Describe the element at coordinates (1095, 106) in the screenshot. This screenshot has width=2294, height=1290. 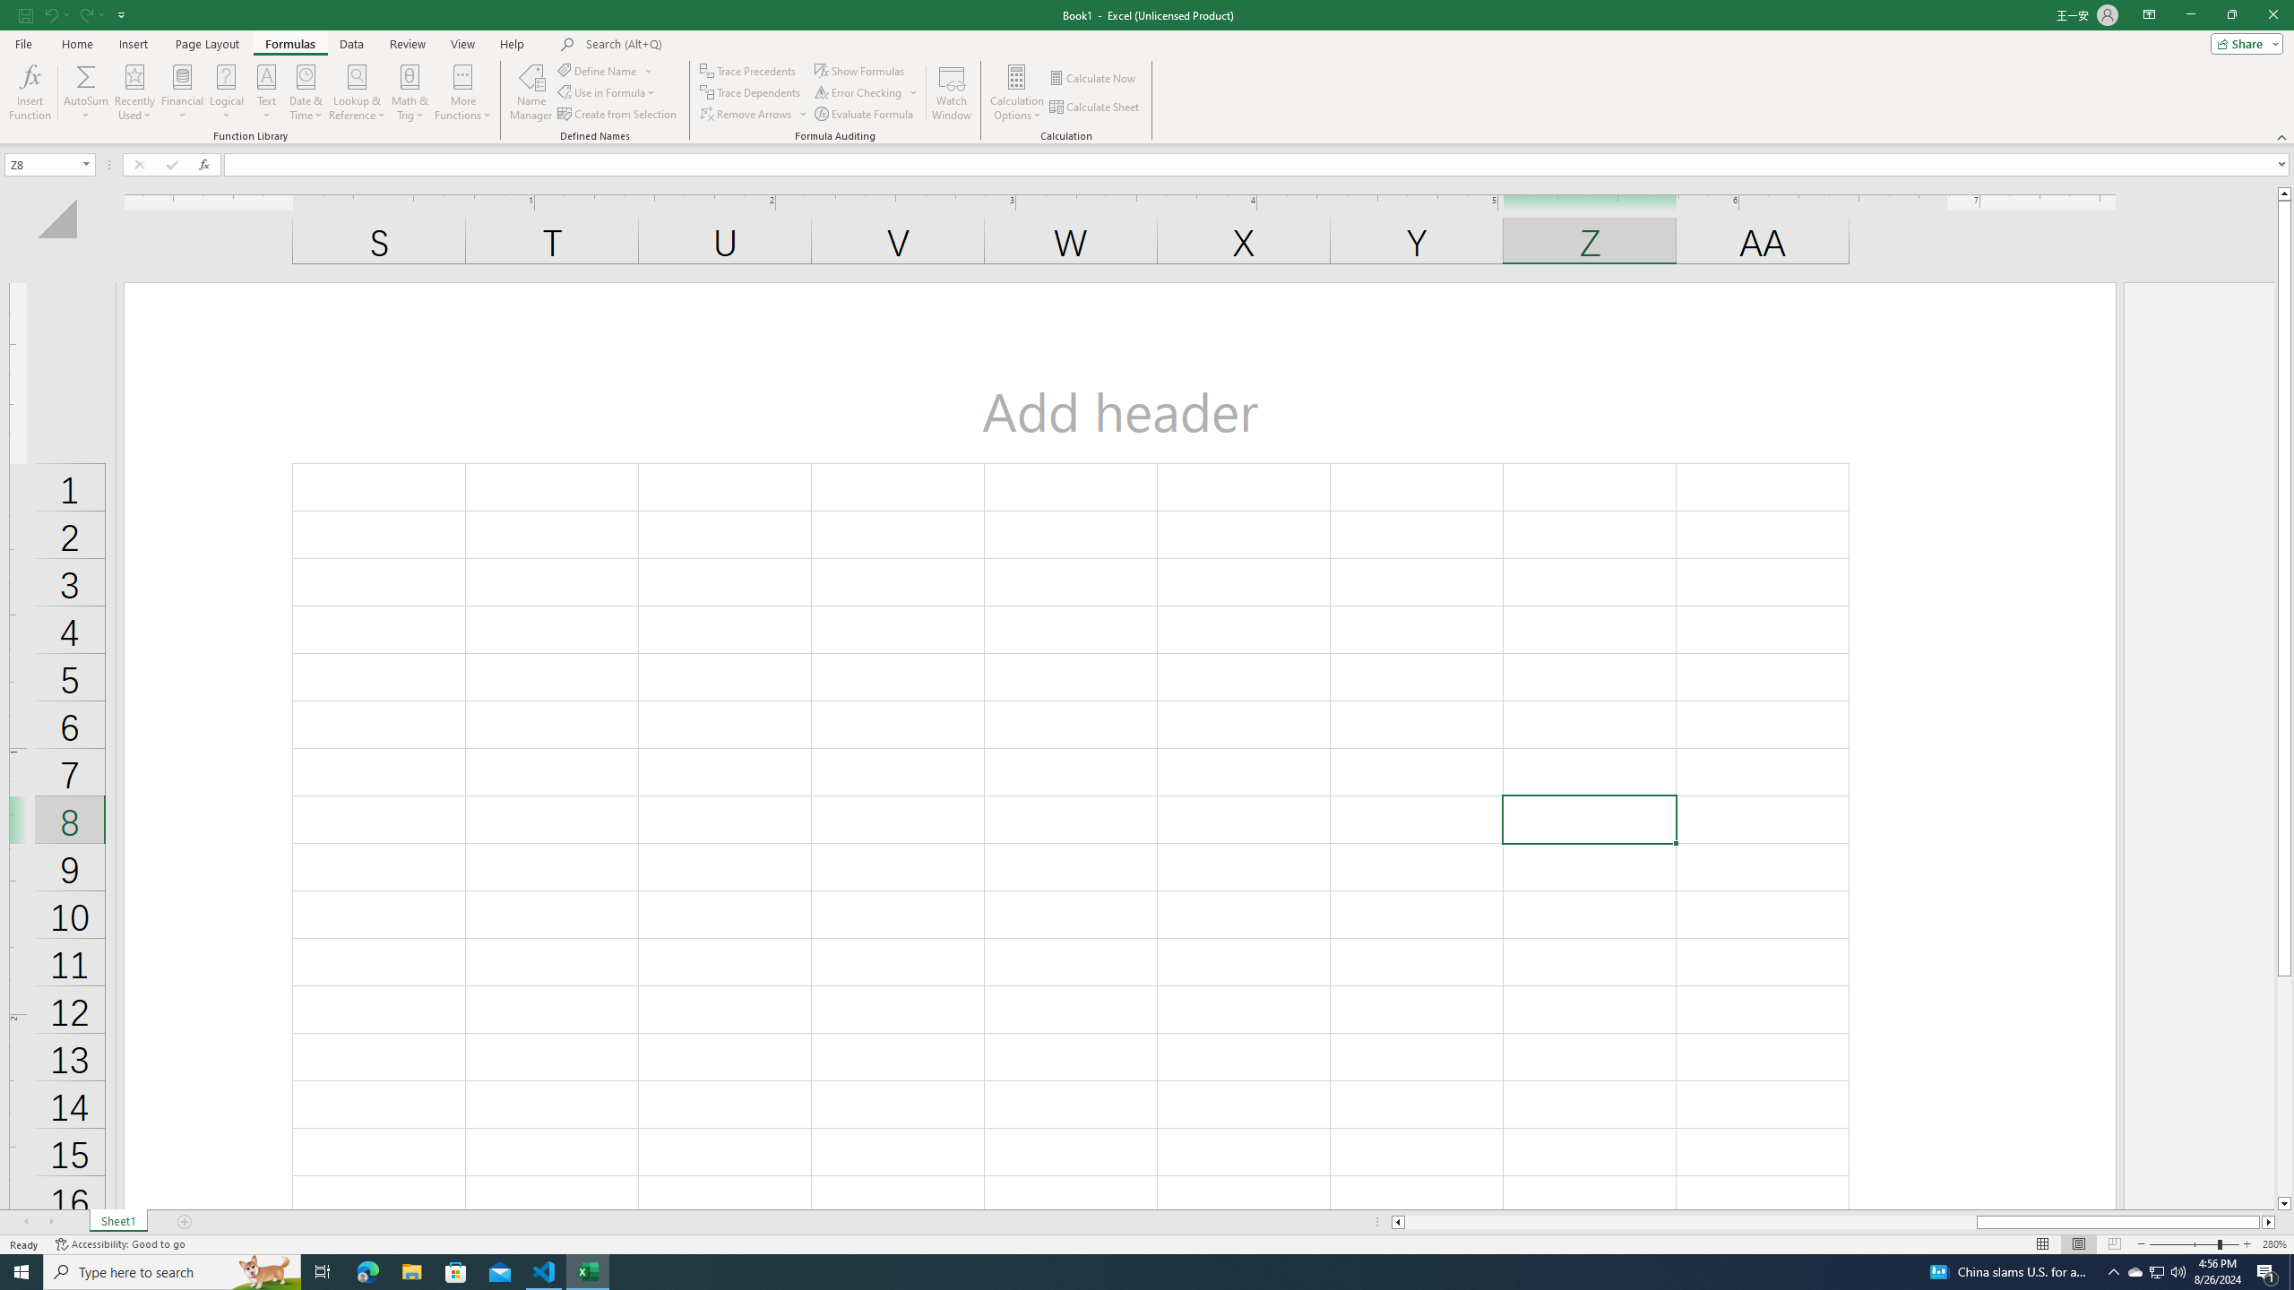
I see `'Calculate Sheet'` at that location.